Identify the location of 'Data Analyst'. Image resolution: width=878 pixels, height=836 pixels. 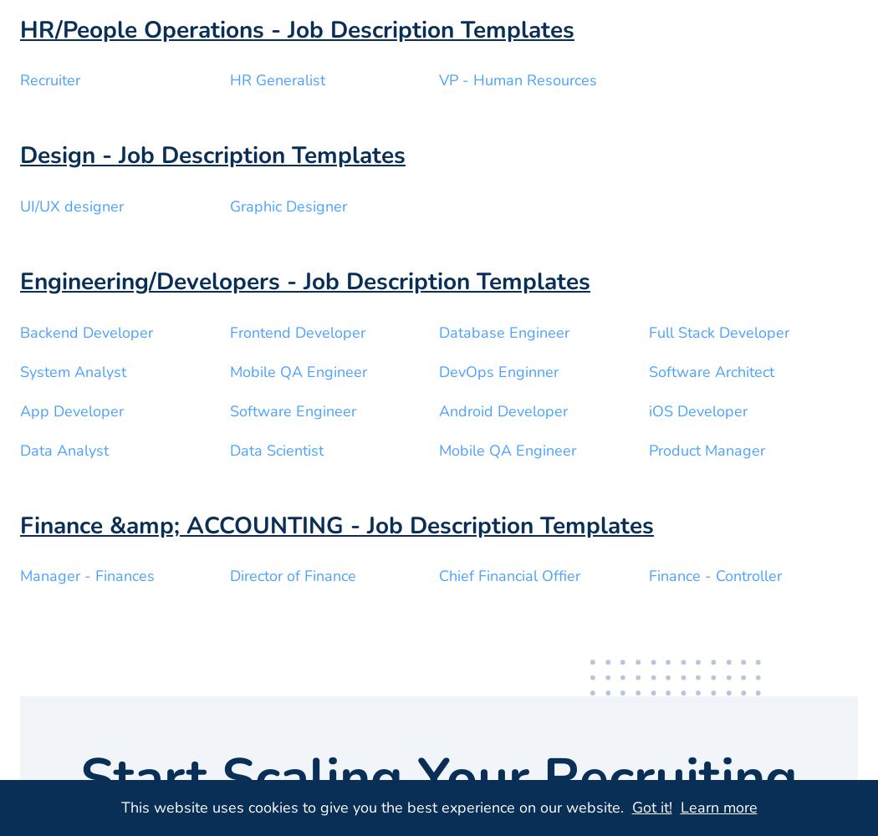
(64, 450).